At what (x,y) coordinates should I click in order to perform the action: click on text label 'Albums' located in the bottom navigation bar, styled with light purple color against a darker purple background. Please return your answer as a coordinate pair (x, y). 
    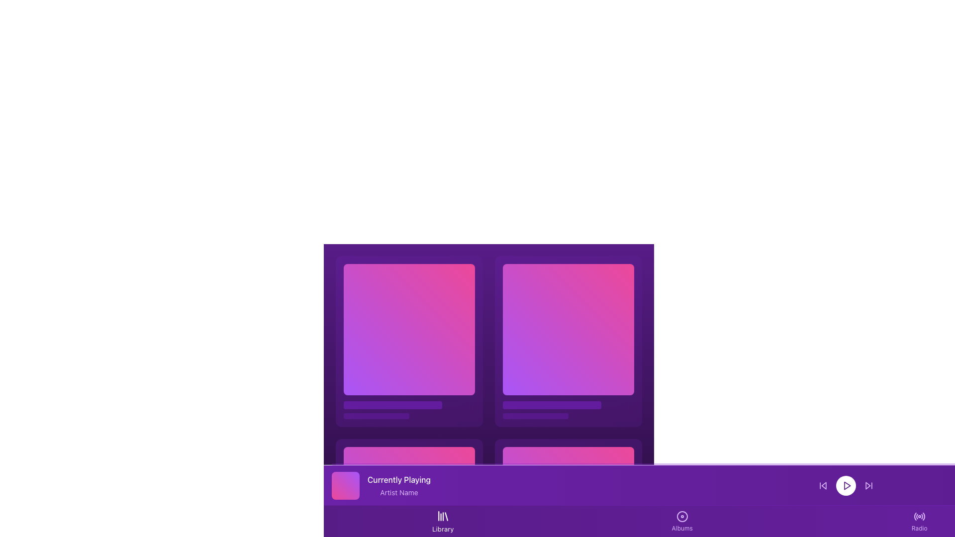
    Looking at the image, I should click on (681, 528).